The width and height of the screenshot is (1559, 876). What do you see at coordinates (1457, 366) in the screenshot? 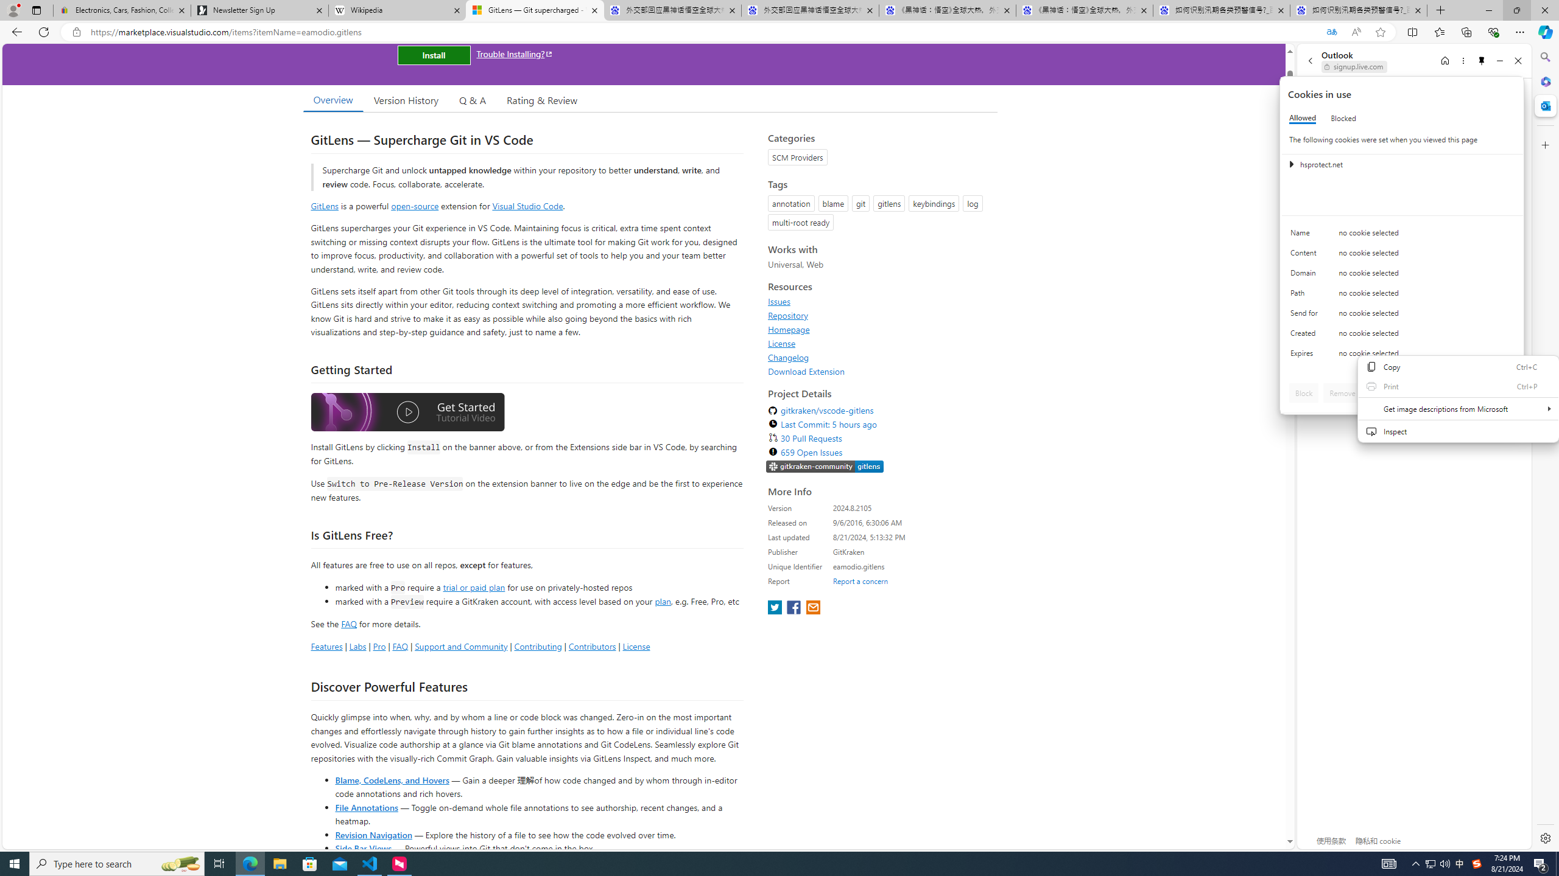
I see `'Copy'` at bounding box center [1457, 366].